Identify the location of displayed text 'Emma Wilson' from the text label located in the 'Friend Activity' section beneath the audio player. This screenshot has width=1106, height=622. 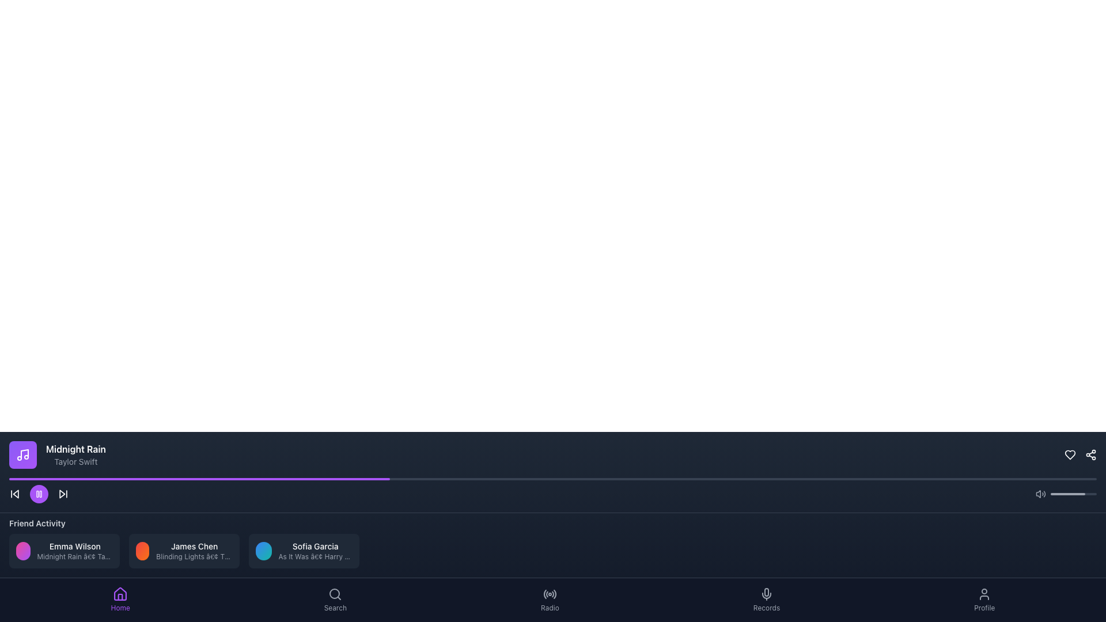
(74, 545).